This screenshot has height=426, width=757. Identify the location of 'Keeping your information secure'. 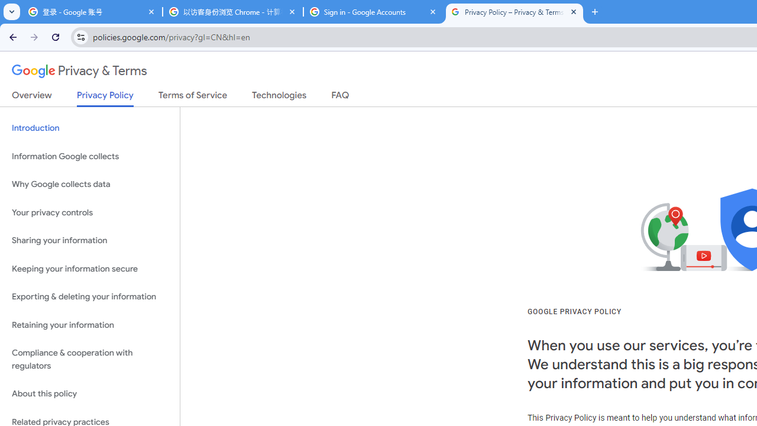
(89, 269).